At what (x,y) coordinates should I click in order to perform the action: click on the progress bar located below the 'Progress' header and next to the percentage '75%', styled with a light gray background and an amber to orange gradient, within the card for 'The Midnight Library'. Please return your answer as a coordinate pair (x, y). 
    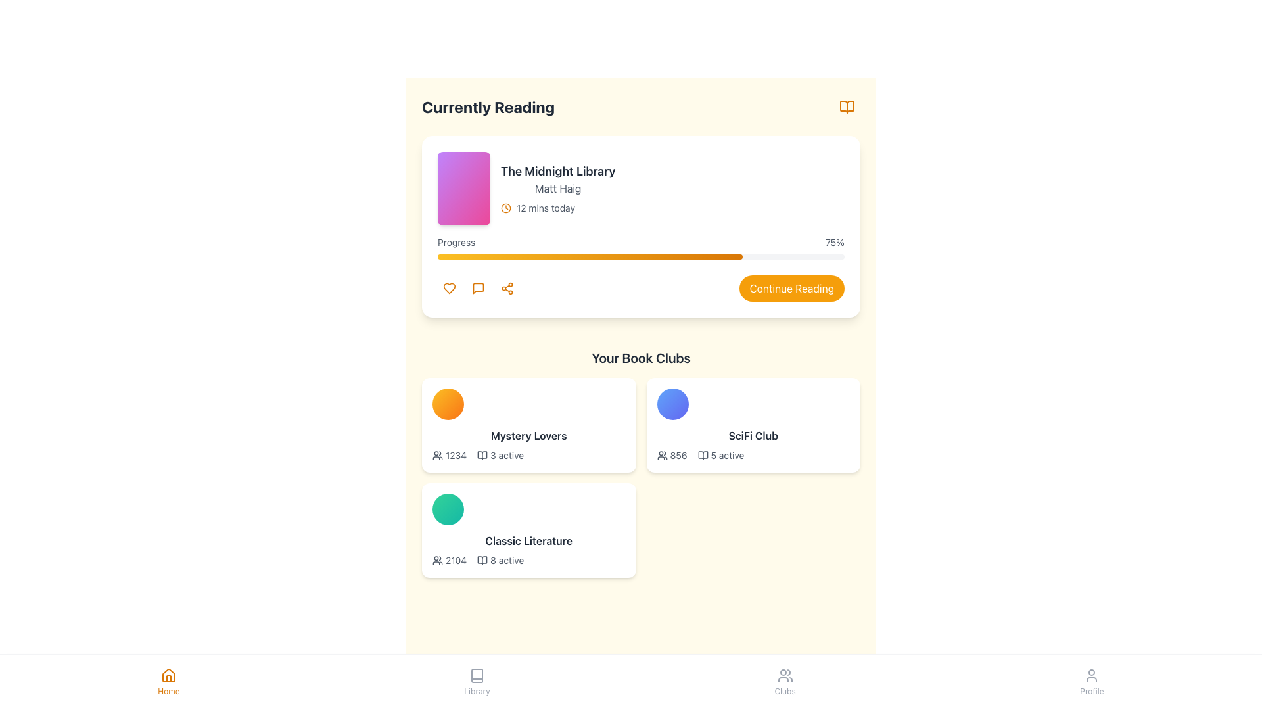
    Looking at the image, I should click on (641, 248).